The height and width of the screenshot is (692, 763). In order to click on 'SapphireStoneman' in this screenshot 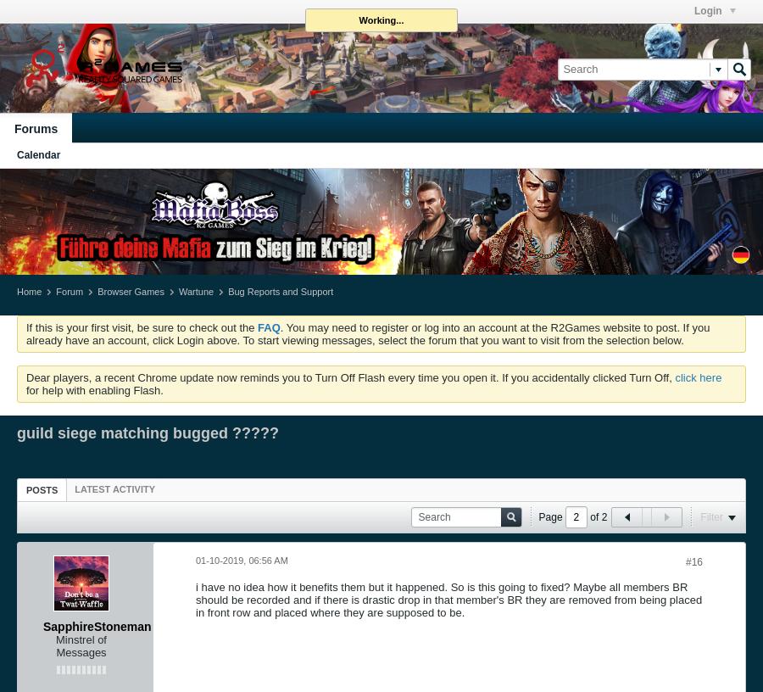, I will do `click(97, 625)`.